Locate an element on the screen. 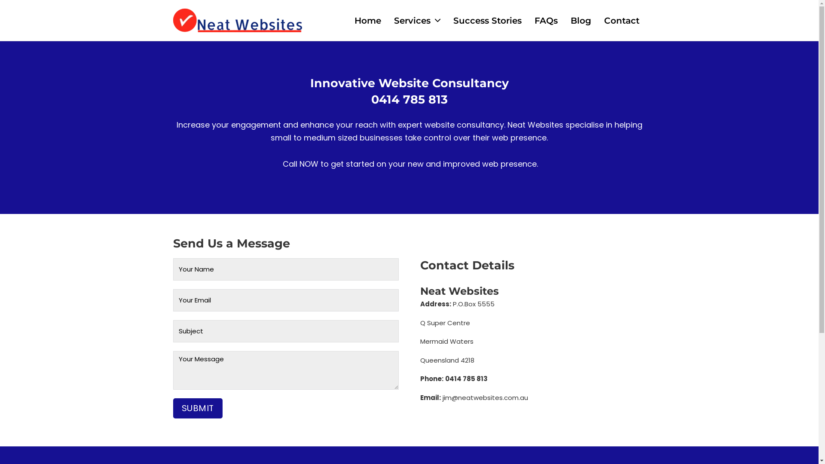 The width and height of the screenshot is (825, 464). 'Contact' is located at coordinates (621, 19).